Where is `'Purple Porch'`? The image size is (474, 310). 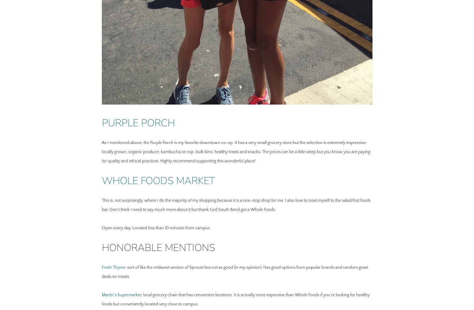 'Purple Porch' is located at coordinates (138, 122).